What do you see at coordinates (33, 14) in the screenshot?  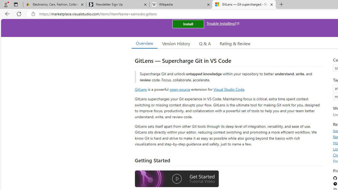 I see `'View site information'` at bounding box center [33, 14].